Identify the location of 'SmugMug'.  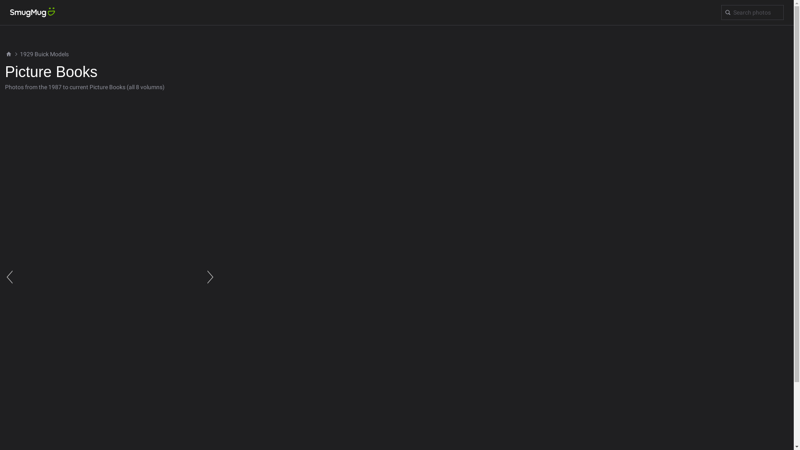
(0, 12).